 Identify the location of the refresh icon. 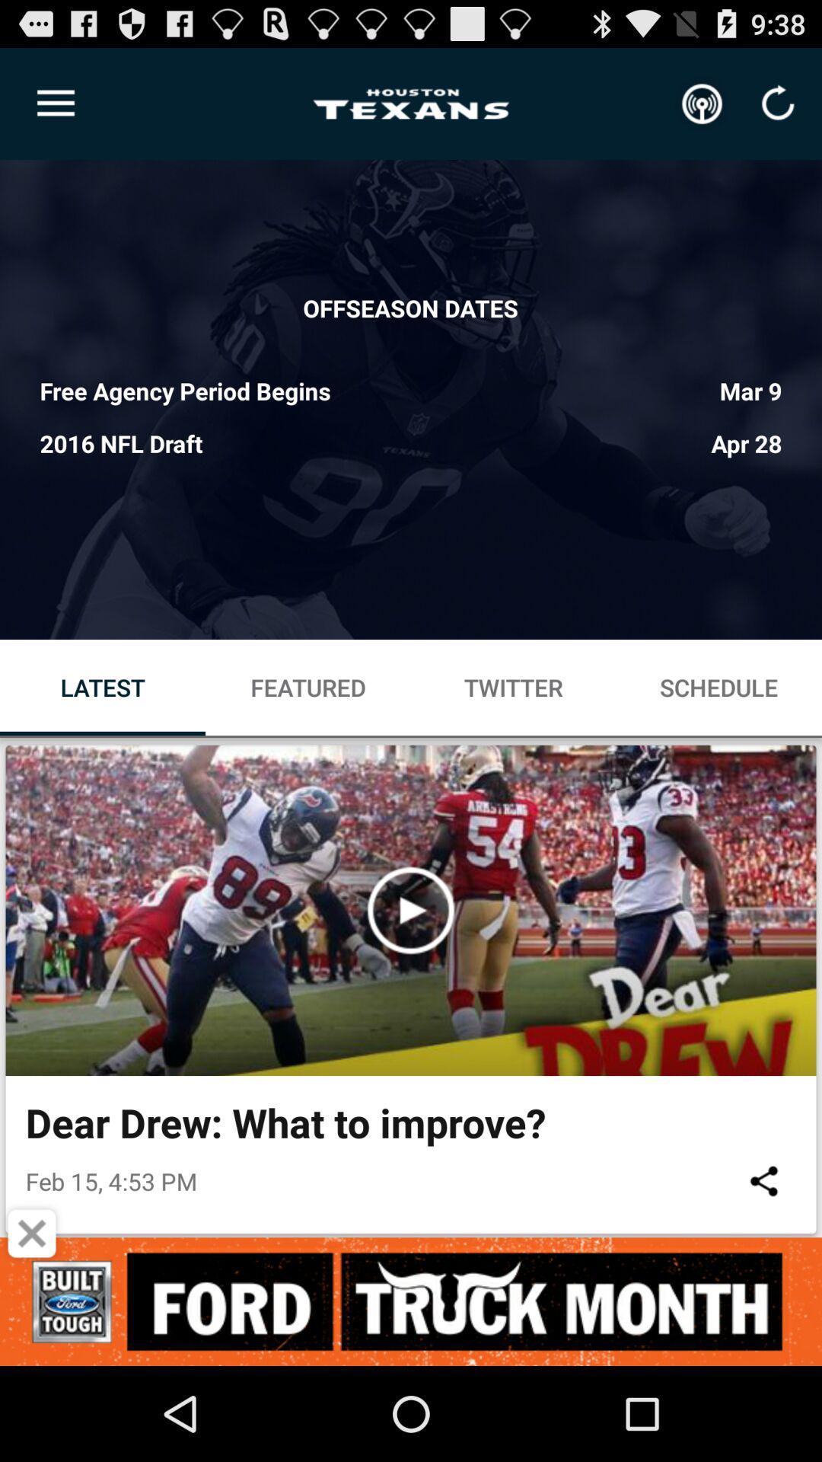
(778, 104).